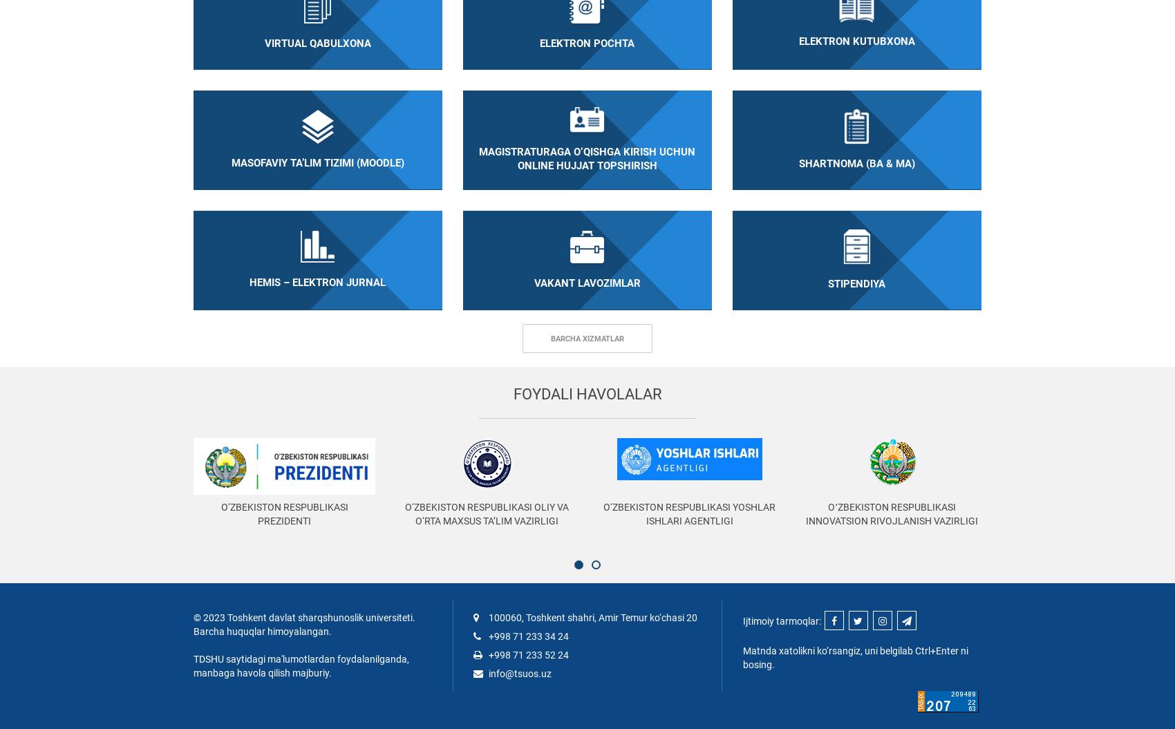 The height and width of the screenshot is (729, 1175). I want to click on 'Barcha xizmatlar', so click(587, 338).